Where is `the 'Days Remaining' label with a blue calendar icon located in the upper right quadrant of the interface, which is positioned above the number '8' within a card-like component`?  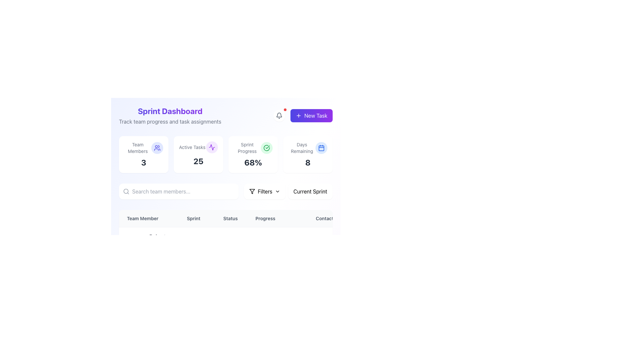
the 'Days Remaining' label with a blue calendar icon located in the upper right quadrant of the interface, which is positioned above the number '8' within a card-like component is located at coordinates (308, 147).